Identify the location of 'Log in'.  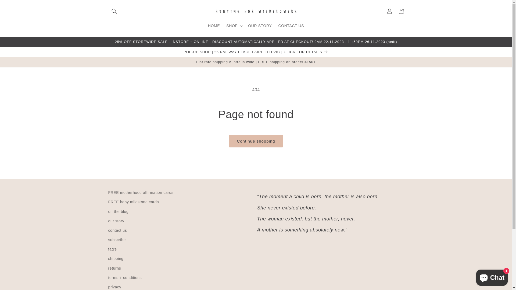
(389, 11).